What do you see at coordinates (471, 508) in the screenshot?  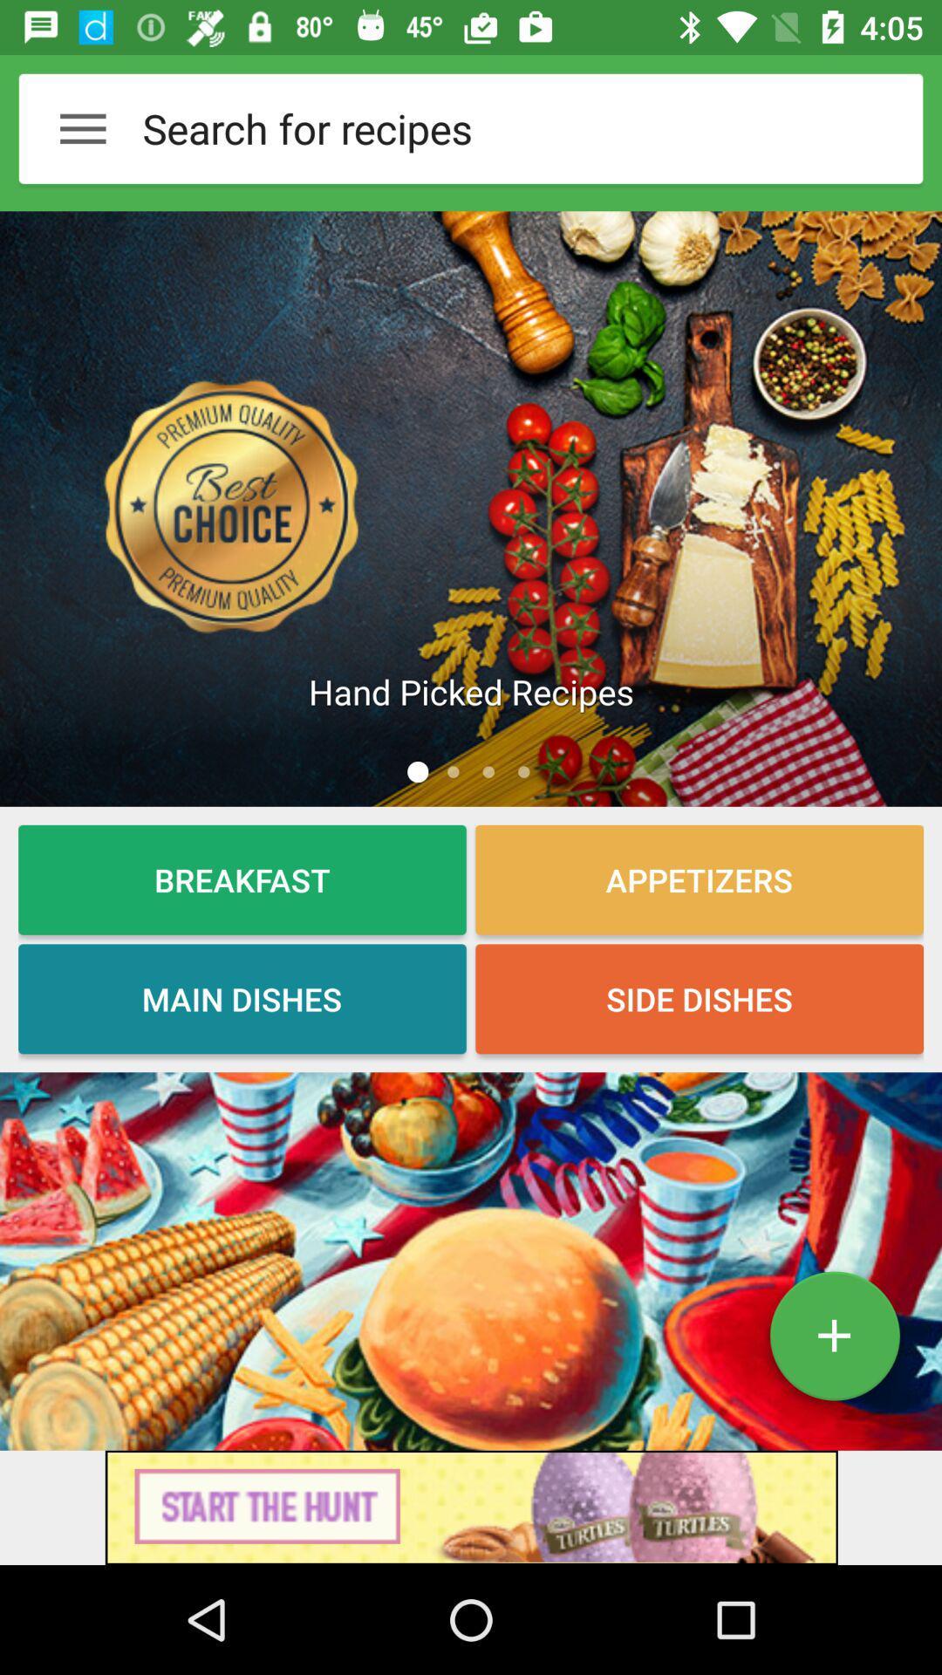 I see `searches 'best choice recipes` at bounding box center [471, 508].